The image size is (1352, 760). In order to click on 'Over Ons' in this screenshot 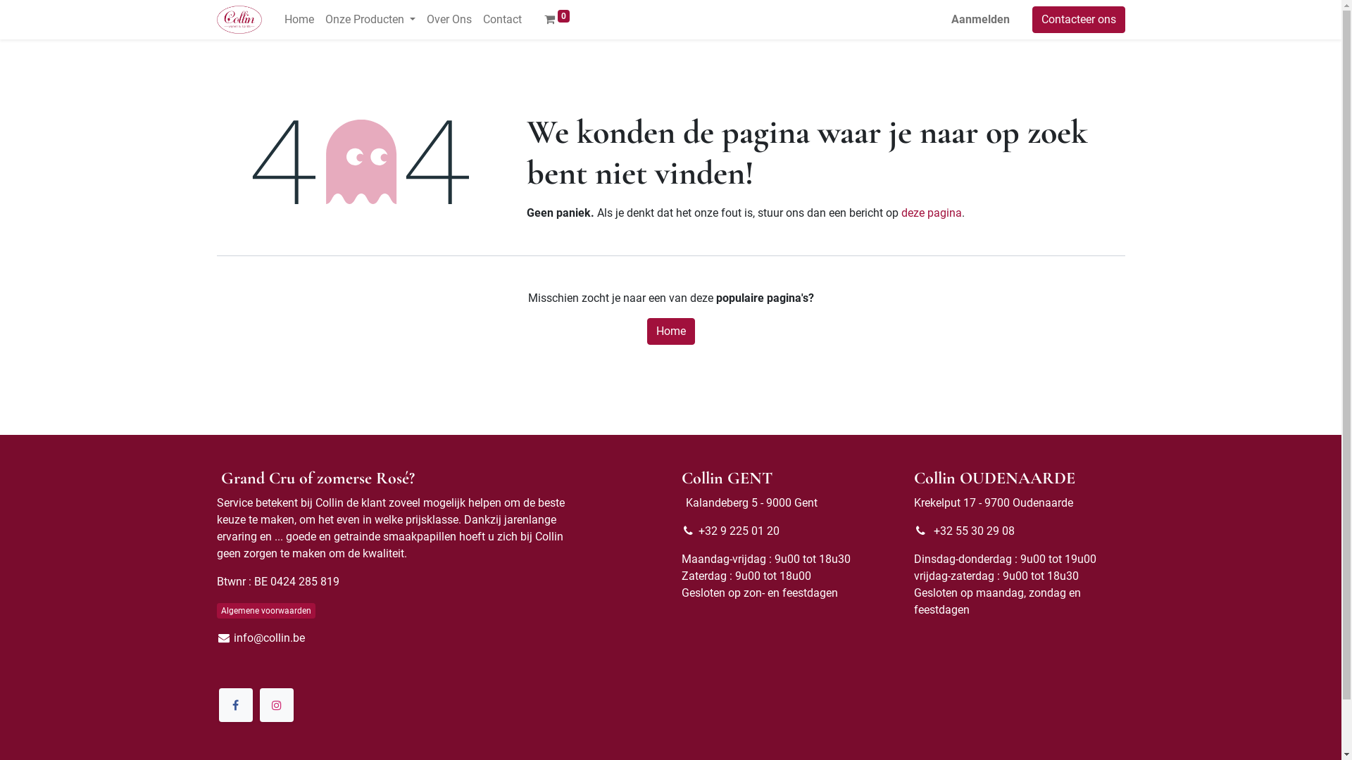, I will do `click(420, 19)`.